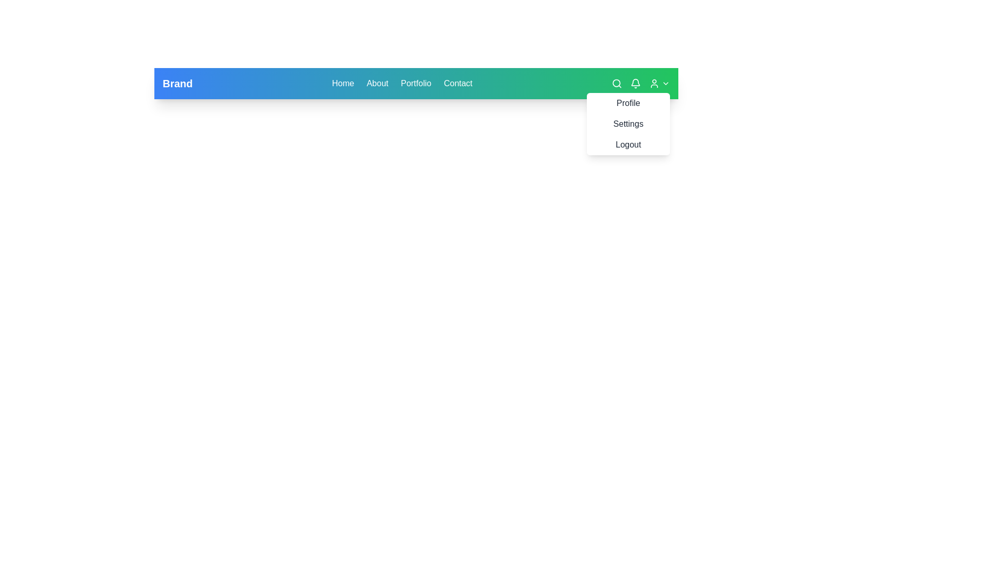 The image size is (998, 561). What do you see at coordinates (640, 83) in the screenshot?
I see `the bell icon located in the notification area` at bounding box center [640, 83].